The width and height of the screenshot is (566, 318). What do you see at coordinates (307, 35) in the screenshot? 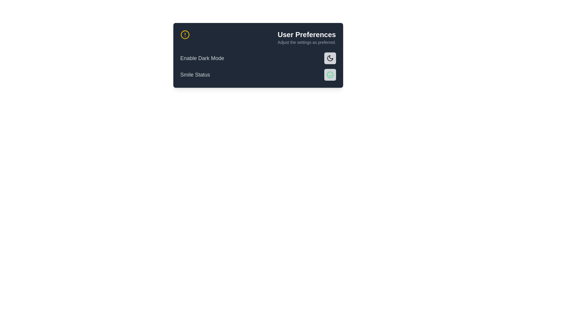
I see `the text label displaying 'User Preferences', which is a bold, large white font against a dark background located in the top right section of a rectangular panel` at bounding box center [307, 35].